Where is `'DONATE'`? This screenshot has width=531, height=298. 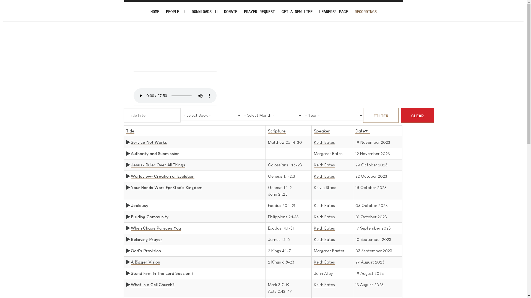
'DONATE' is located at coordinates (231, 12).